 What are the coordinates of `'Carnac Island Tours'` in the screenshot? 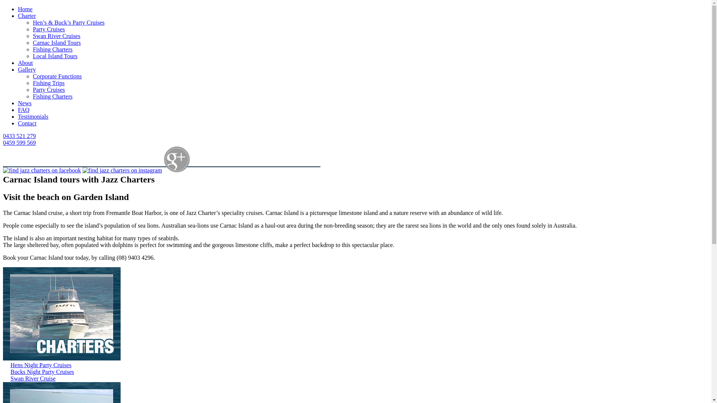 It's located at (56, 43).